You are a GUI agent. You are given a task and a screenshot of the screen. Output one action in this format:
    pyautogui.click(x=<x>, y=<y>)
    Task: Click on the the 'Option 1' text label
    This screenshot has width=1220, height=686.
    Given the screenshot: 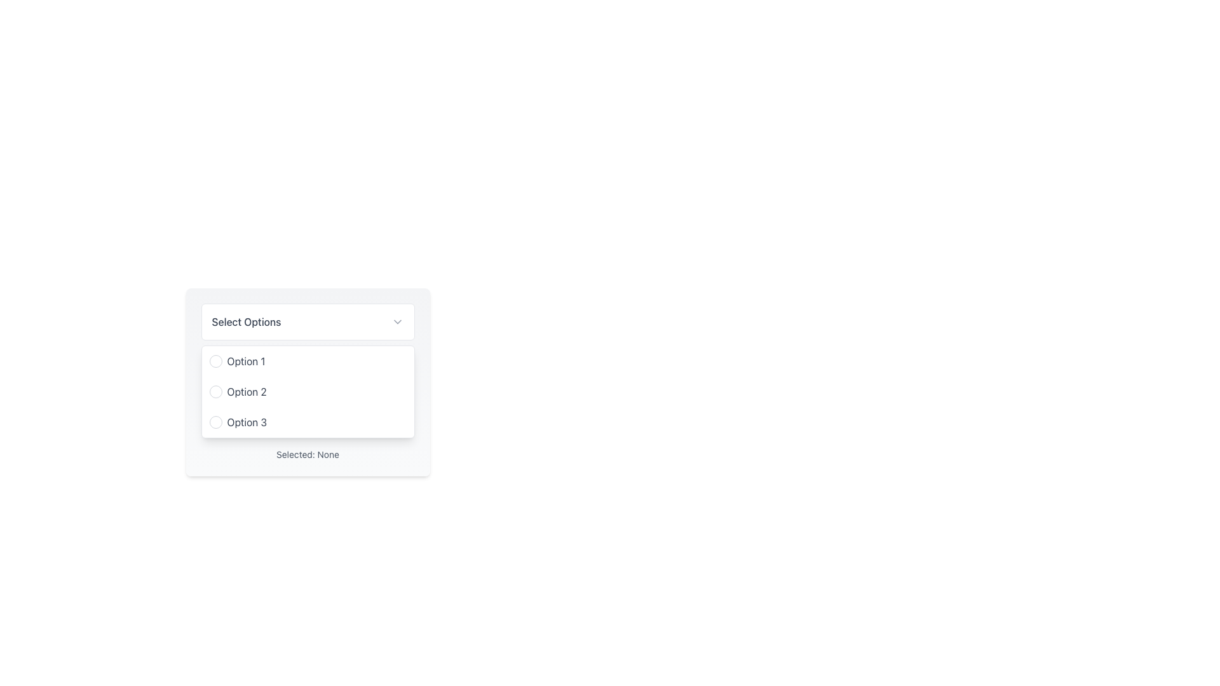 What is the action you would take?
    pyautogui.click(x=246, y=361)
    